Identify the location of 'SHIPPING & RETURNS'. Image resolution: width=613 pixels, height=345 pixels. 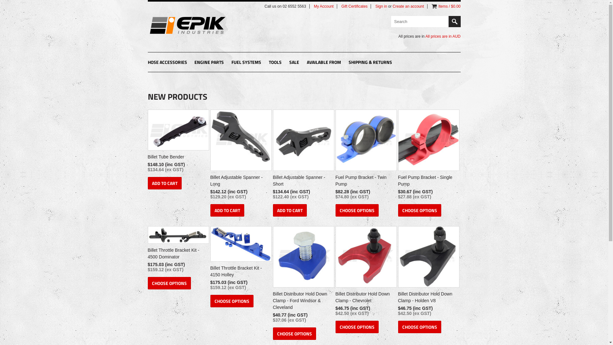
(370, 63).